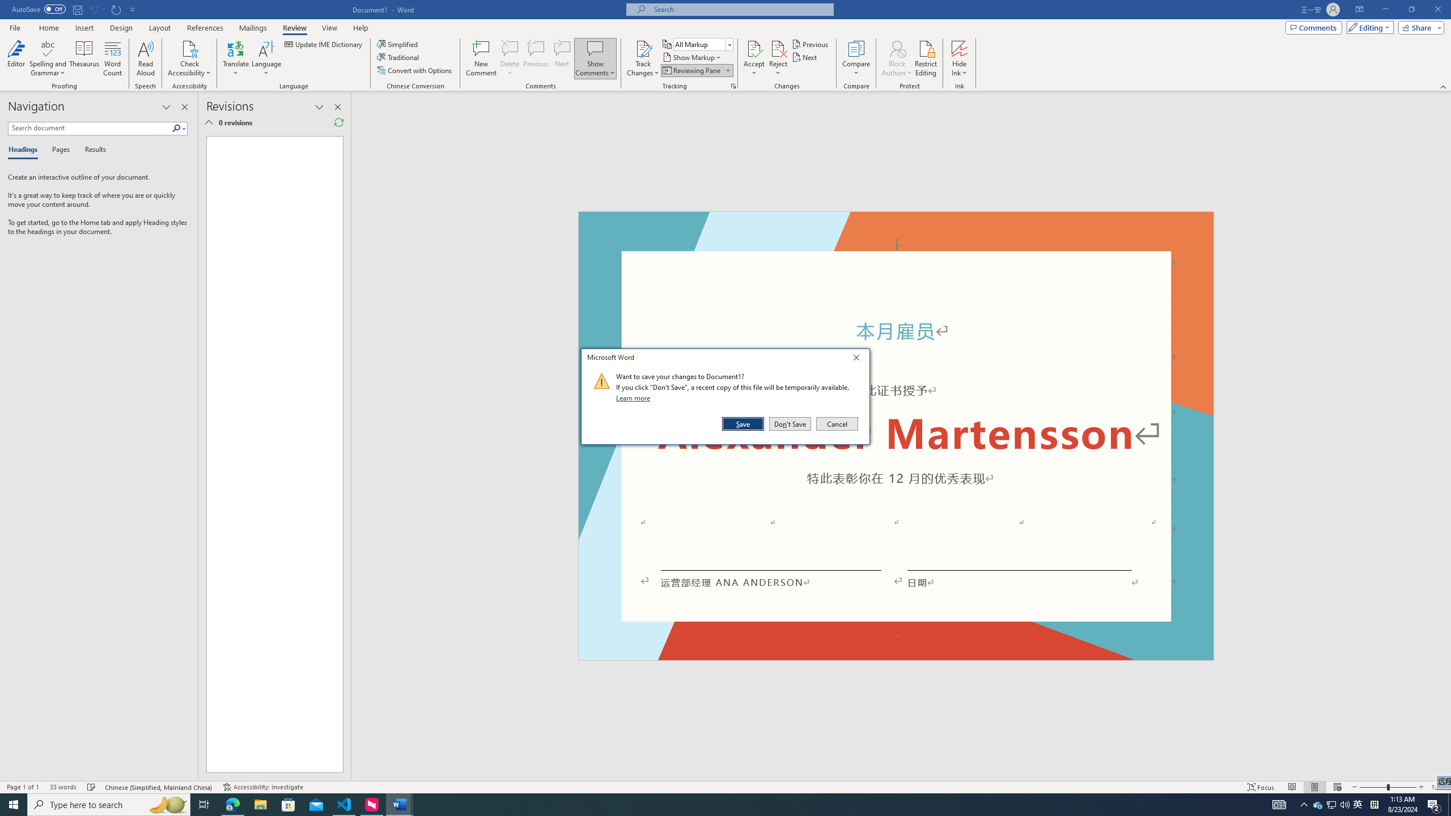  Describe the element at coordinates (642, 48) in the screenshot. I see `'Track Changes'` at that location.